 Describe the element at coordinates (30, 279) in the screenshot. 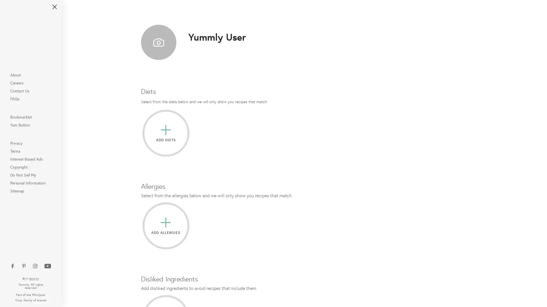

I see `Open Additional Navigation Options` at that location.